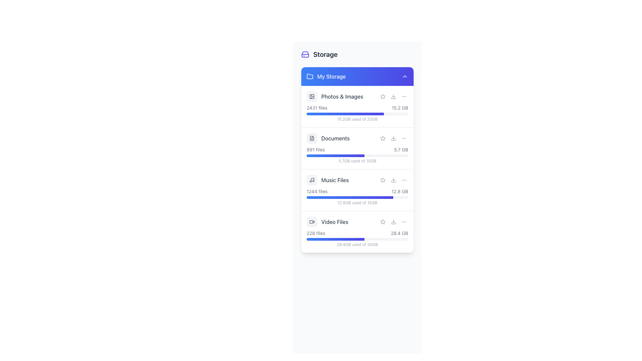 This screenshot has width=642, height=361. Describe the element at coordinates (357, 161) in the screenshot. I see `text label displaying '5.7GB used of 10GB', which is a small gray font located below the progress bar in the 'Documents' section` at that location.